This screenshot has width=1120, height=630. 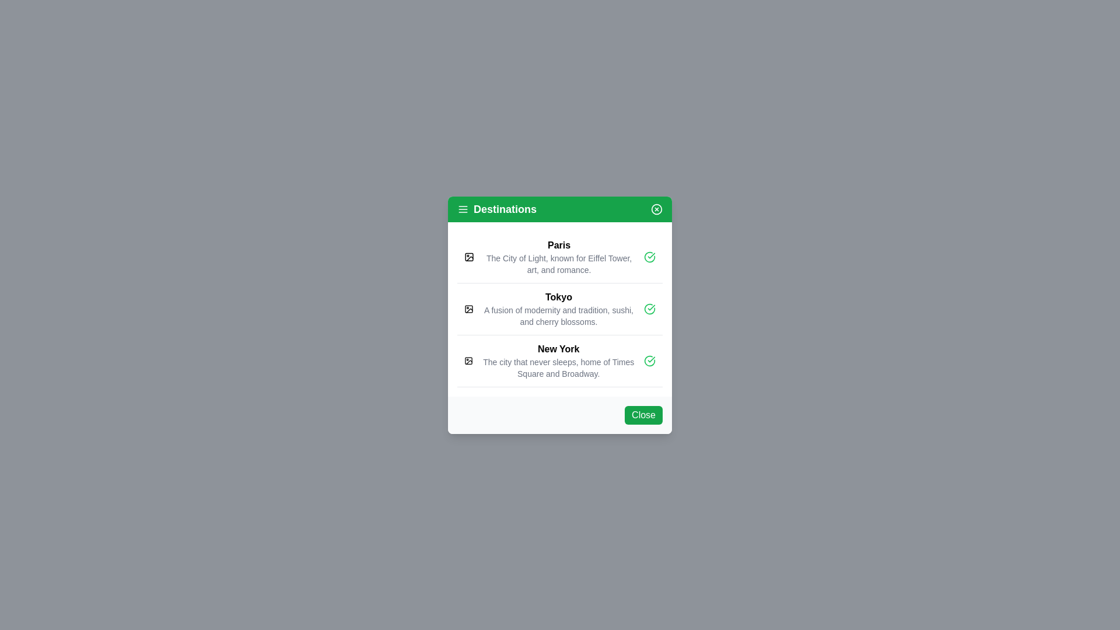 I want to click on the Icon Button located at the top-right corner of the green header labeled 'Destinations', so click(x=657, y=208).